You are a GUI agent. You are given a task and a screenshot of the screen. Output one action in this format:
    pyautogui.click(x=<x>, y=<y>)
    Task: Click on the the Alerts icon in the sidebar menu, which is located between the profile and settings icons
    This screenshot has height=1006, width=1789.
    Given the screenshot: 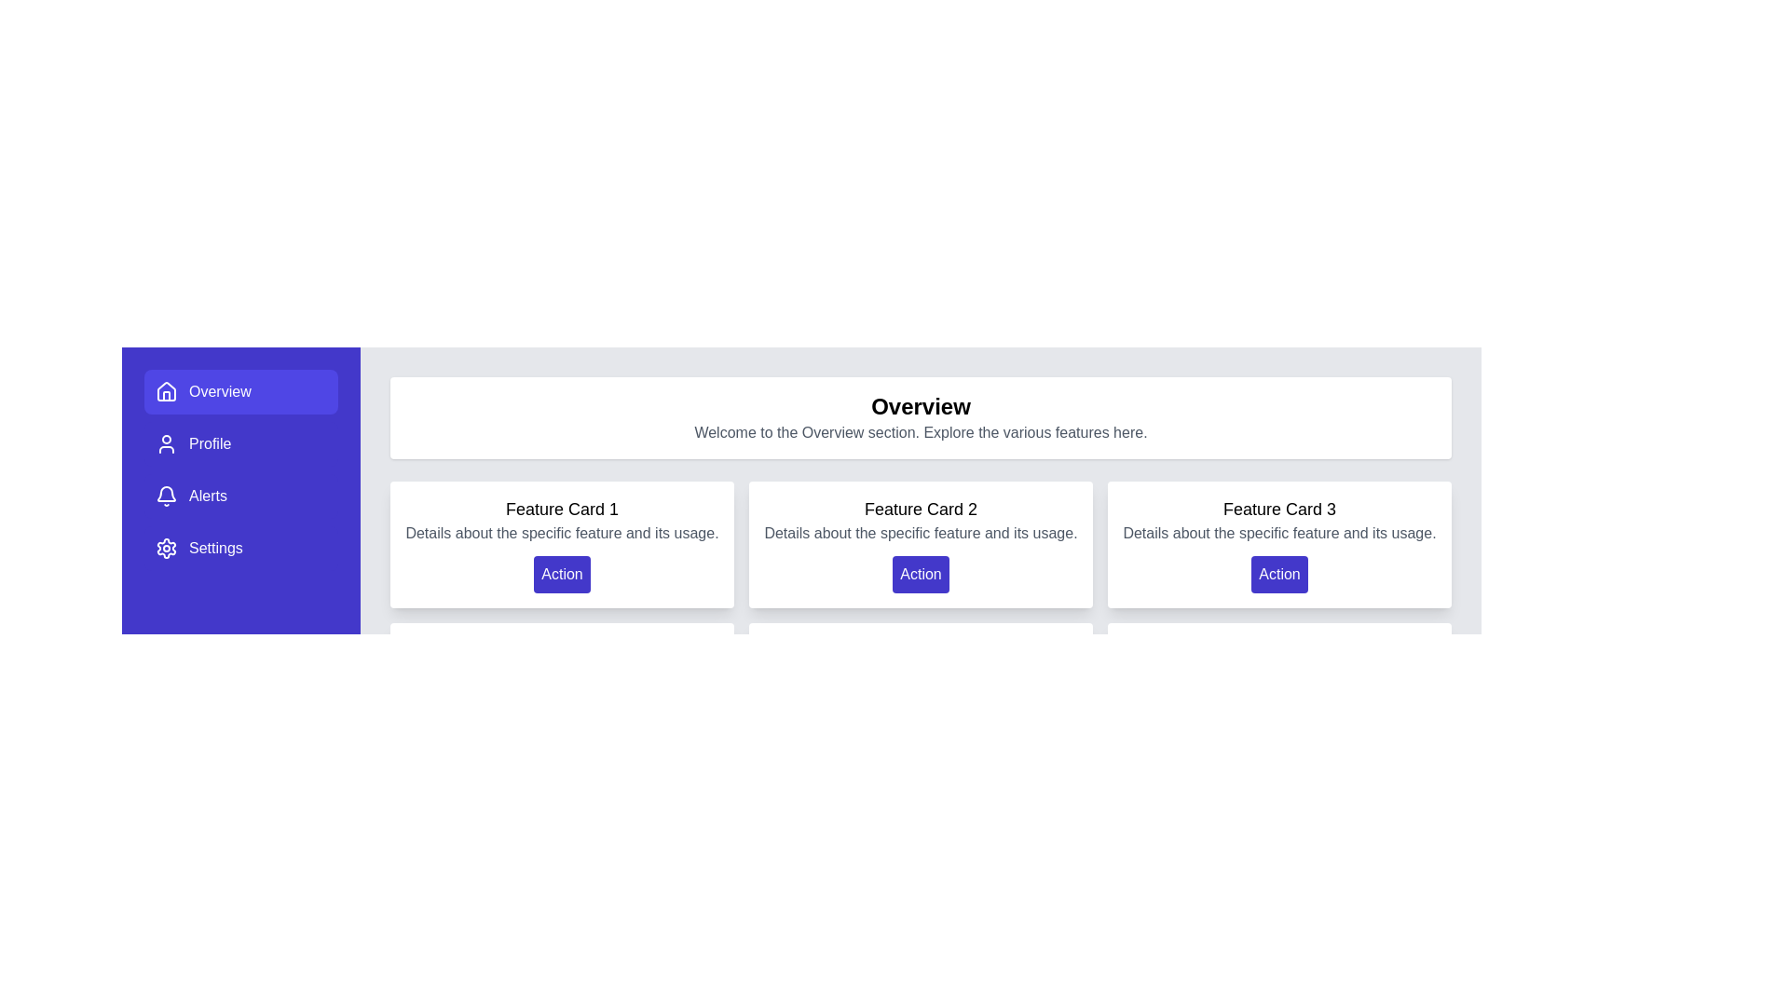 What is the action you would take?
    pyautogui.click(x=166, y=493)
    